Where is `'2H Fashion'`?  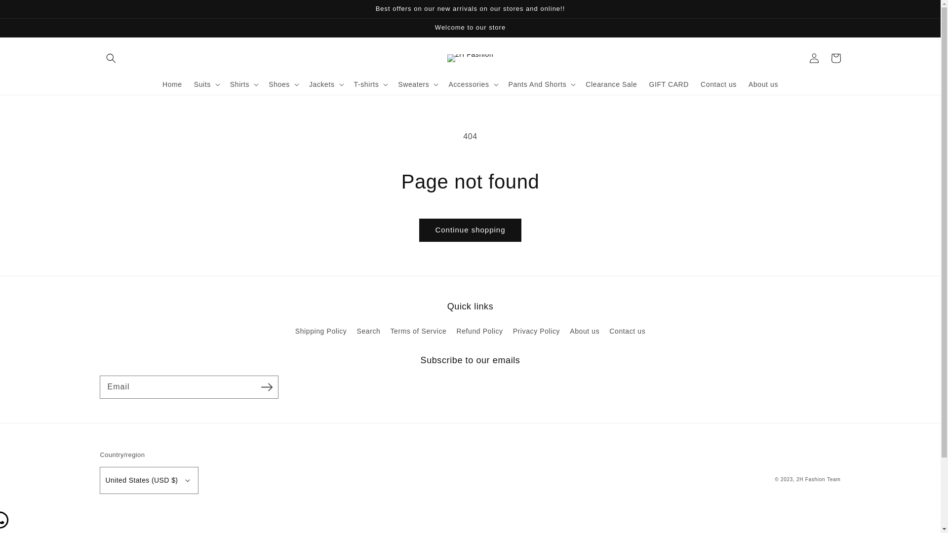 '2H Fashion' is located at coordinates (810, 479).